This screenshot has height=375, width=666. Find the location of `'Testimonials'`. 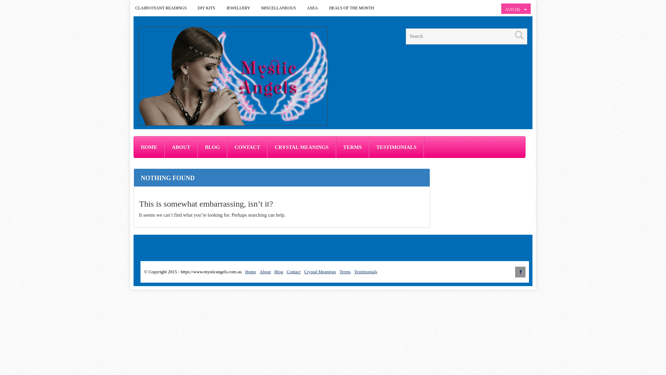

'Testimonials' is located at coordinates (365, 271).